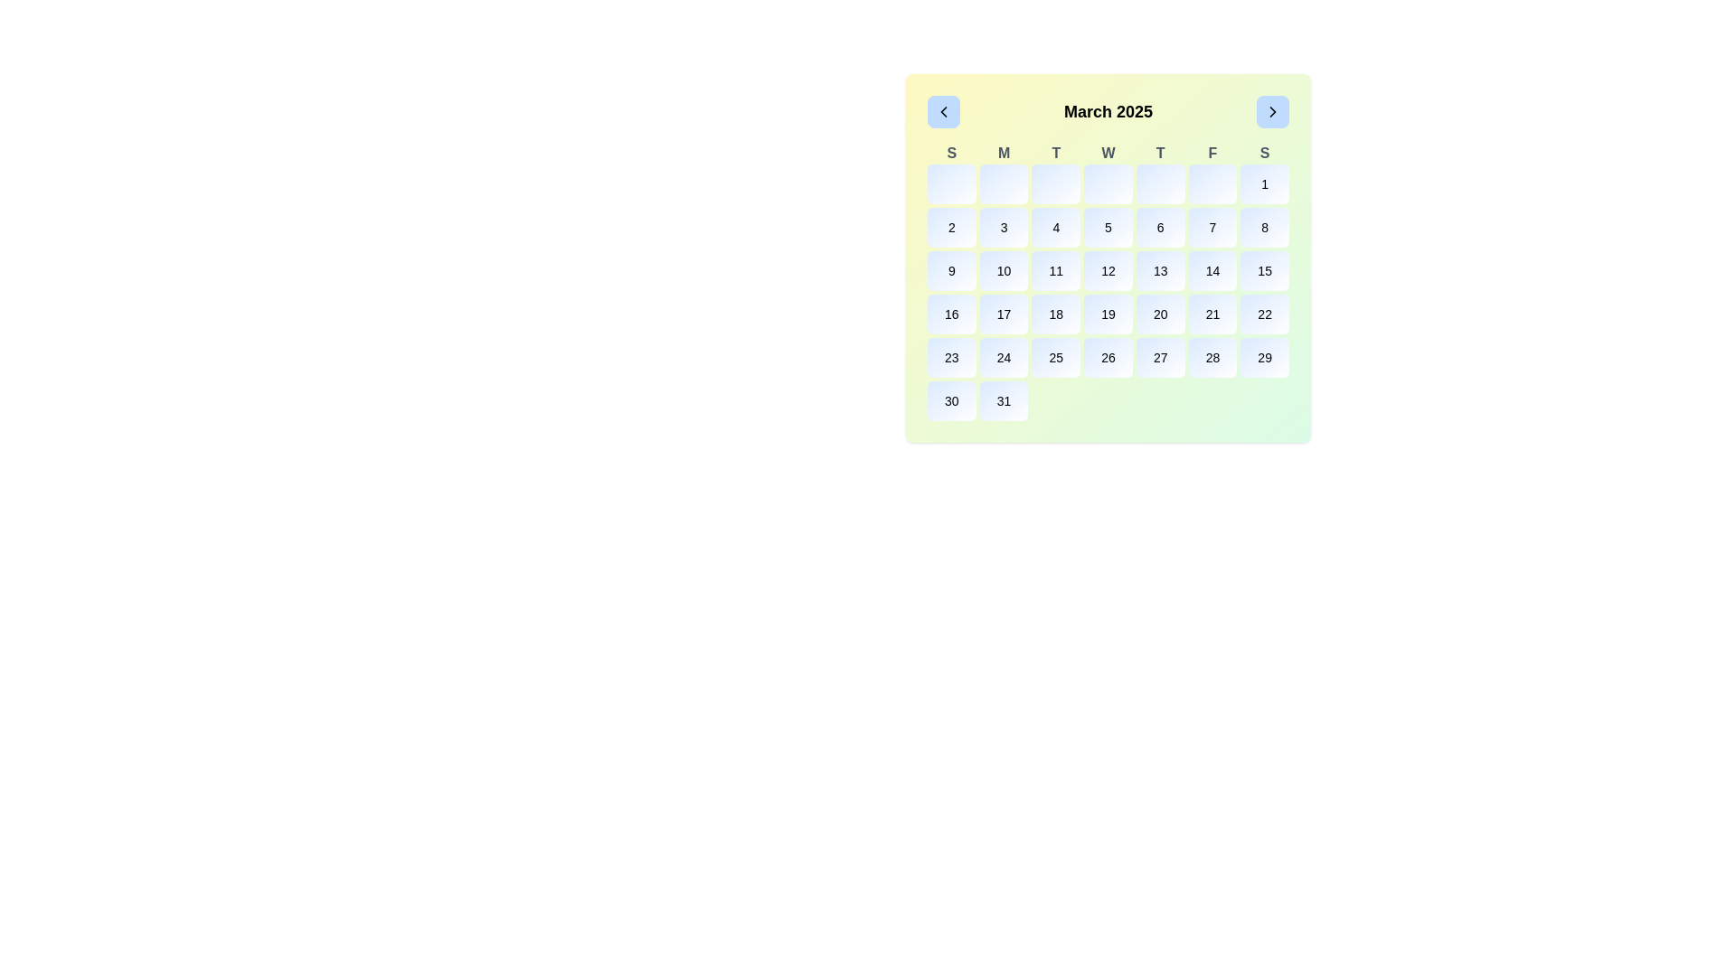  I want to click on the static text label displaying 'March 2025' in the center of the topmost header section of the calendar, which informs the user about the current month and year, so click(1107, 111).